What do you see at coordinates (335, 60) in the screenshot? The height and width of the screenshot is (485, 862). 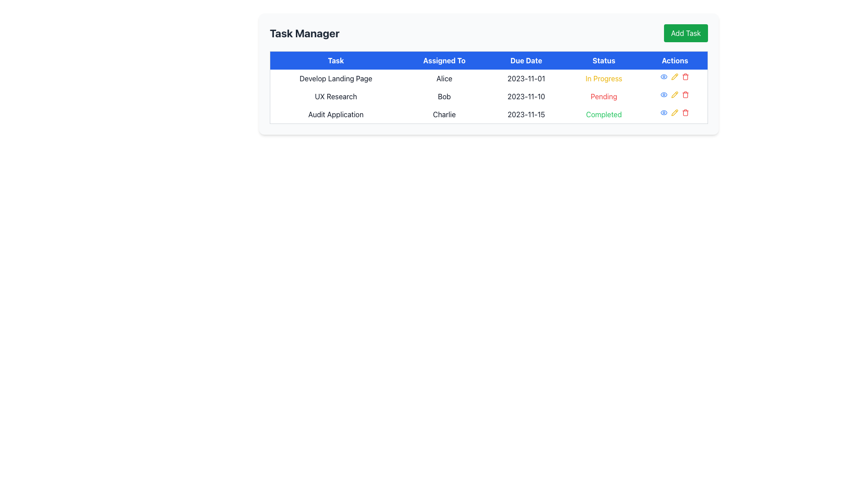 I see `the Header label for the first column of the table that lists tasks, located at the top-left section of the table header row` at bounding box center [335, 60].